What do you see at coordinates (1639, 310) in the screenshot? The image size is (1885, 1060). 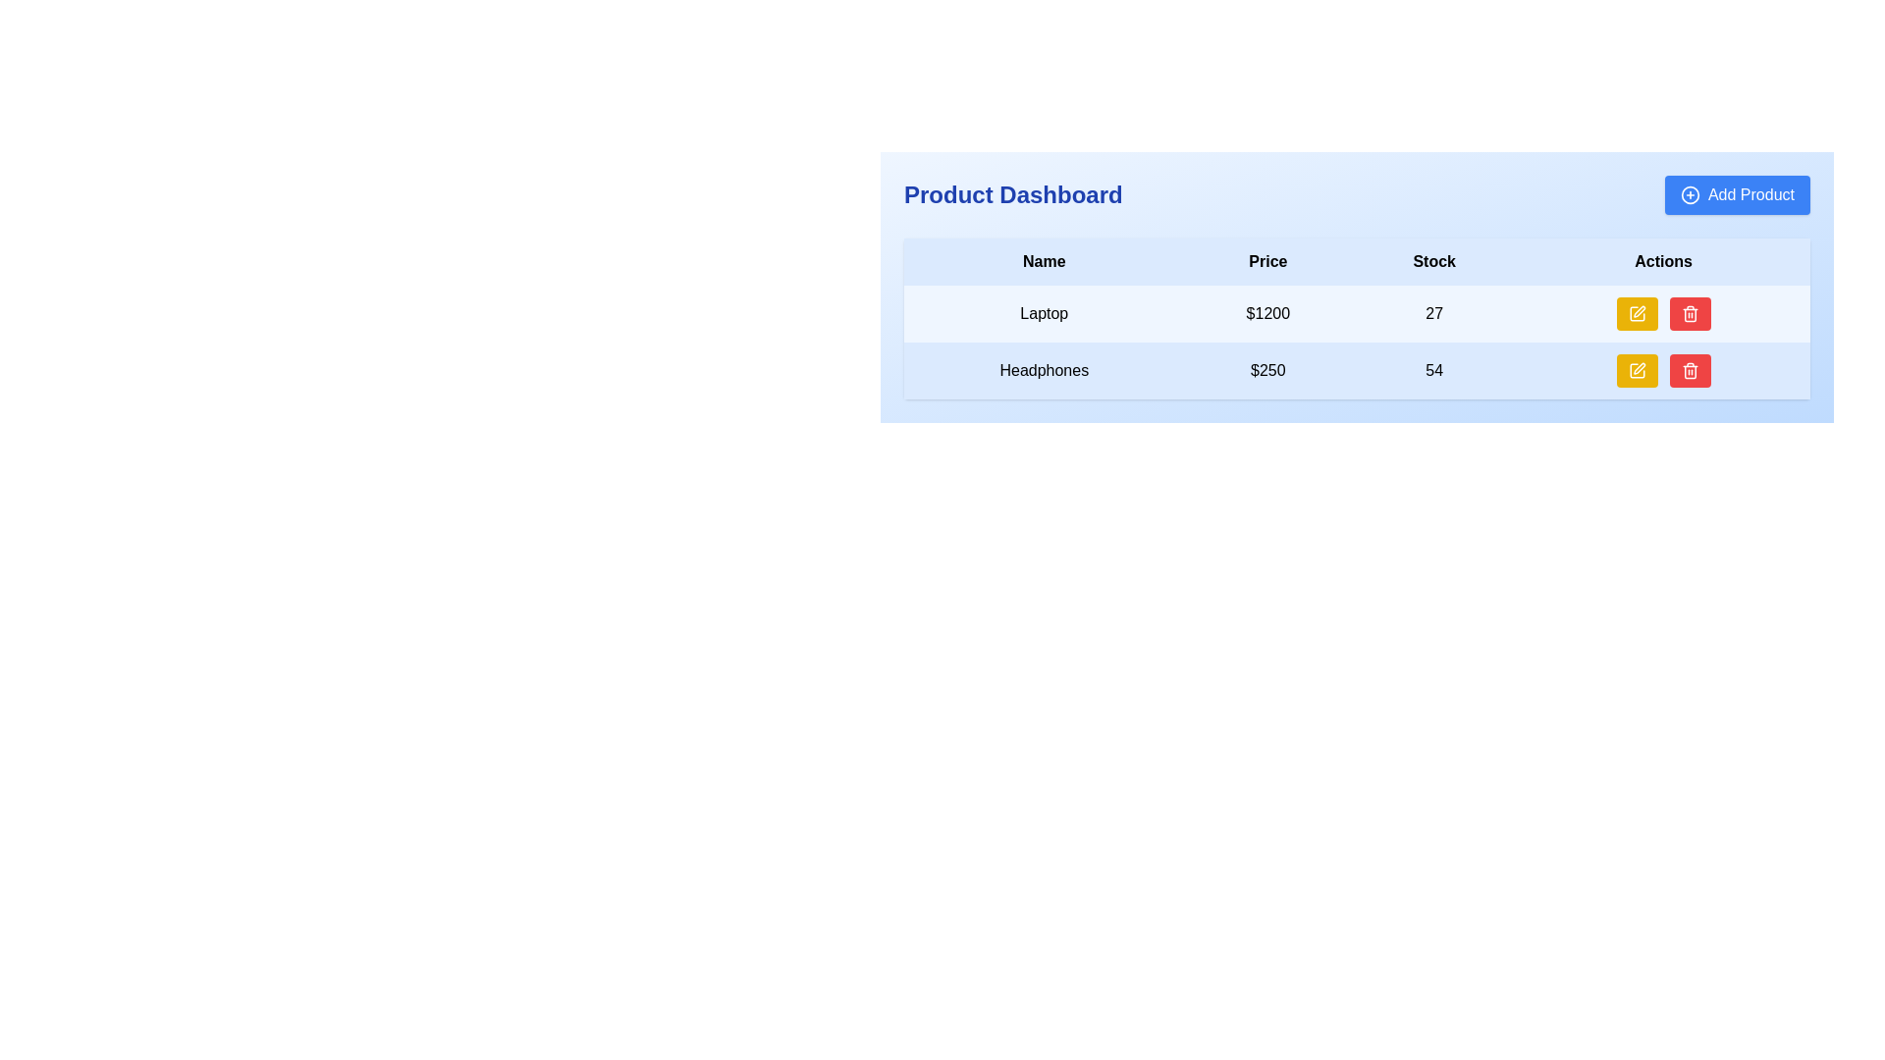 I see `the 'edit' icon in the 'Actions' column of the second row for the 'Headphones' product` at bounding box center [1639, 310].